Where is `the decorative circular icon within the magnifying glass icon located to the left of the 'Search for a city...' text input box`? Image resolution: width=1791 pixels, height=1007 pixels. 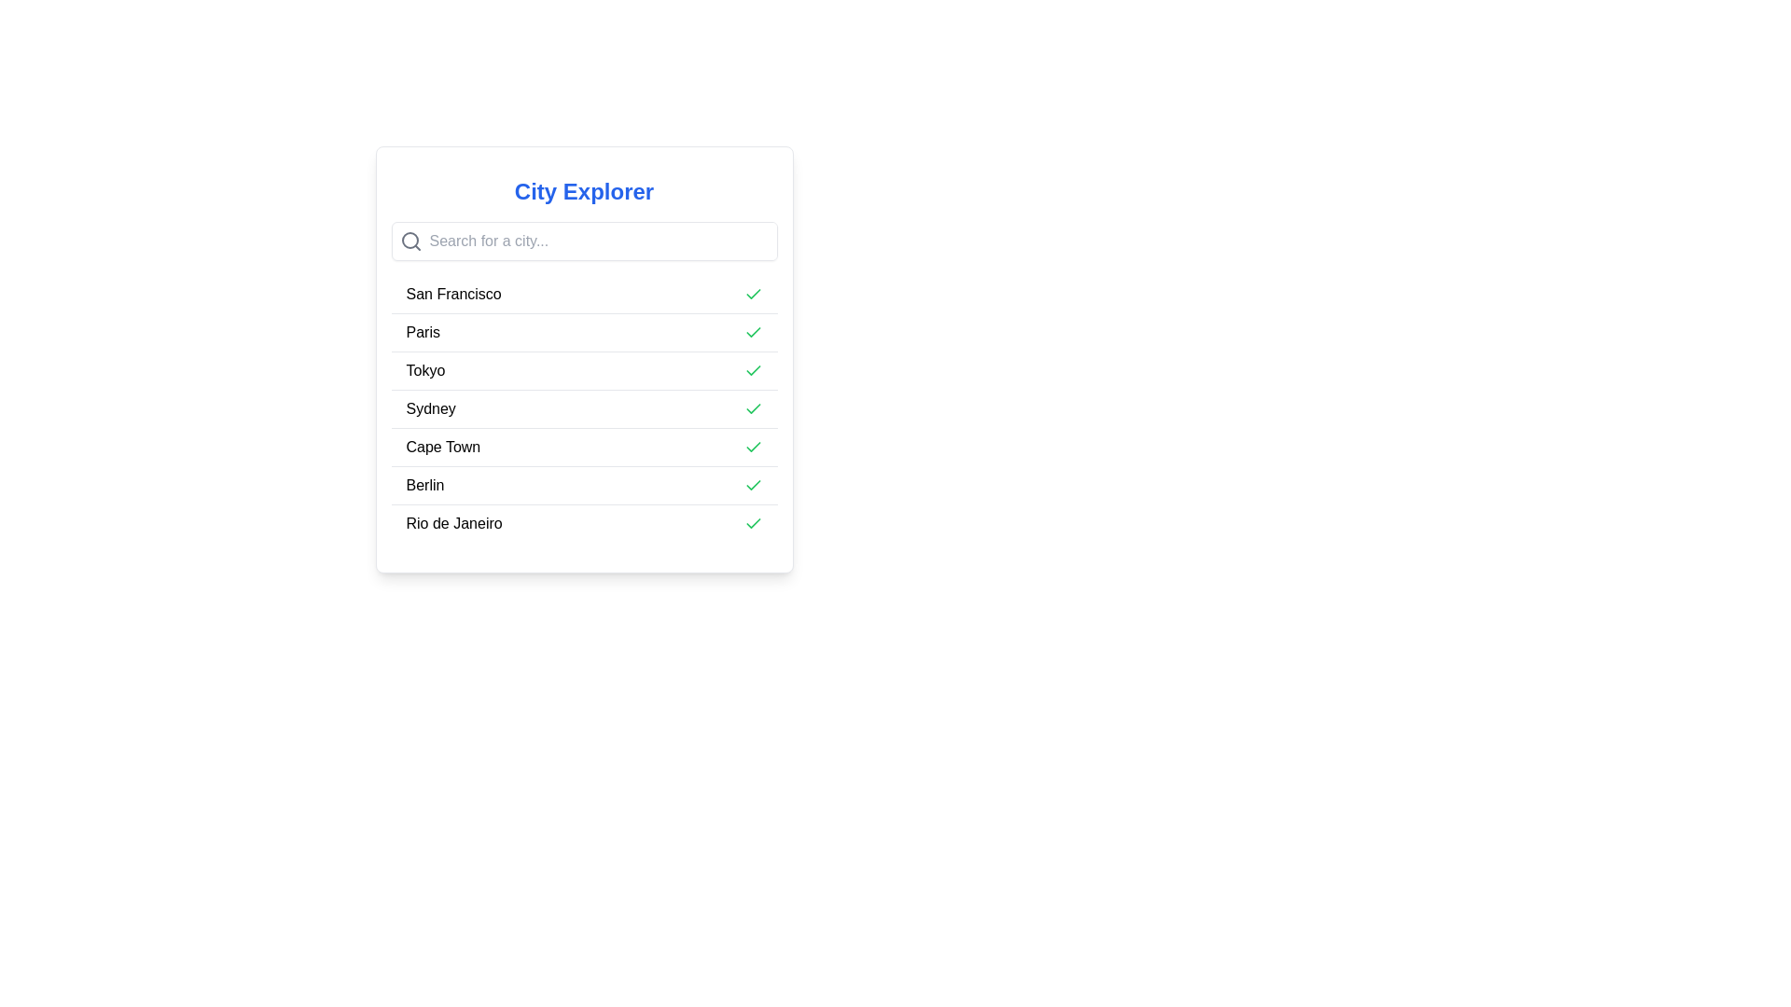 the decorative circular icon within the magnifying glass icon located to the left of the 'Search for a city...' text input box is located at coordinates (409, 240).